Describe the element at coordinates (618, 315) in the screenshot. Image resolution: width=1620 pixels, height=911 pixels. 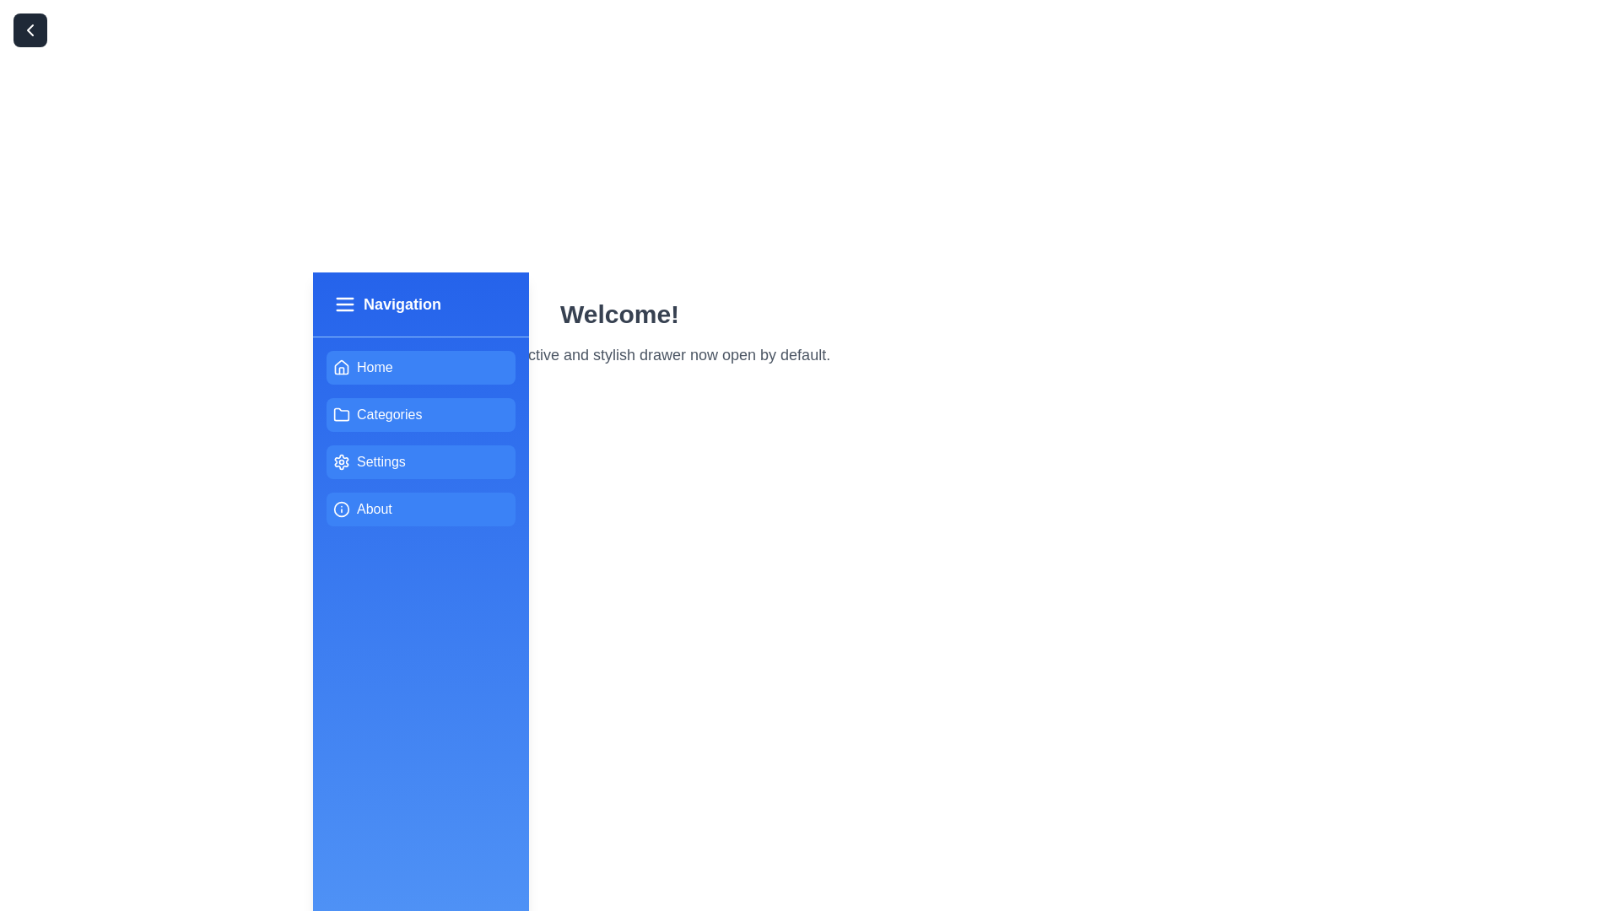
I see `the large, bold text display reading 'Welcome!' located in the top-right section of the UI, which is centrally aligned and positioned next to a blue navigation sidebar` at that location.